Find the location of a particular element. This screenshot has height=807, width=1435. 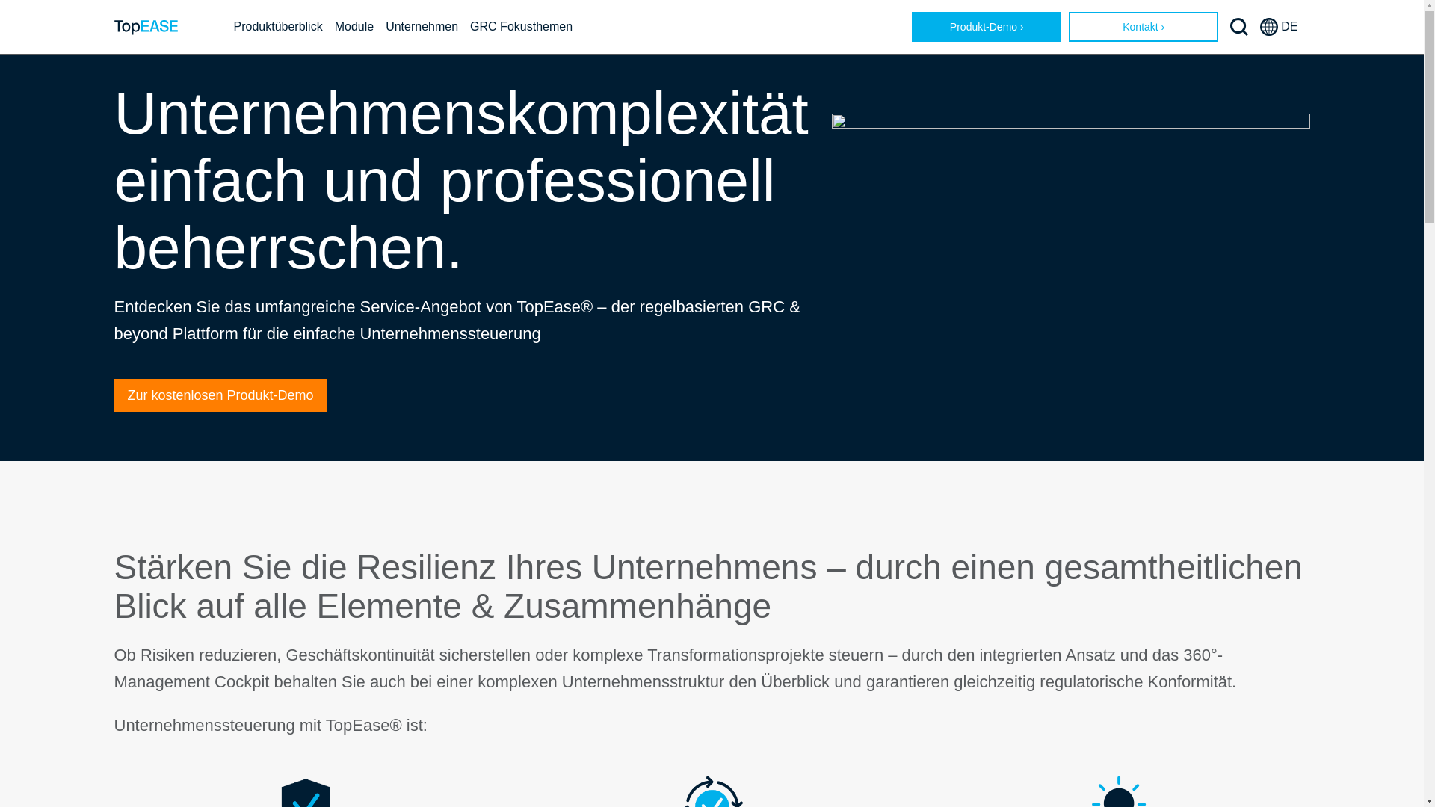

'DE' is located at coordinates (1259, 26).